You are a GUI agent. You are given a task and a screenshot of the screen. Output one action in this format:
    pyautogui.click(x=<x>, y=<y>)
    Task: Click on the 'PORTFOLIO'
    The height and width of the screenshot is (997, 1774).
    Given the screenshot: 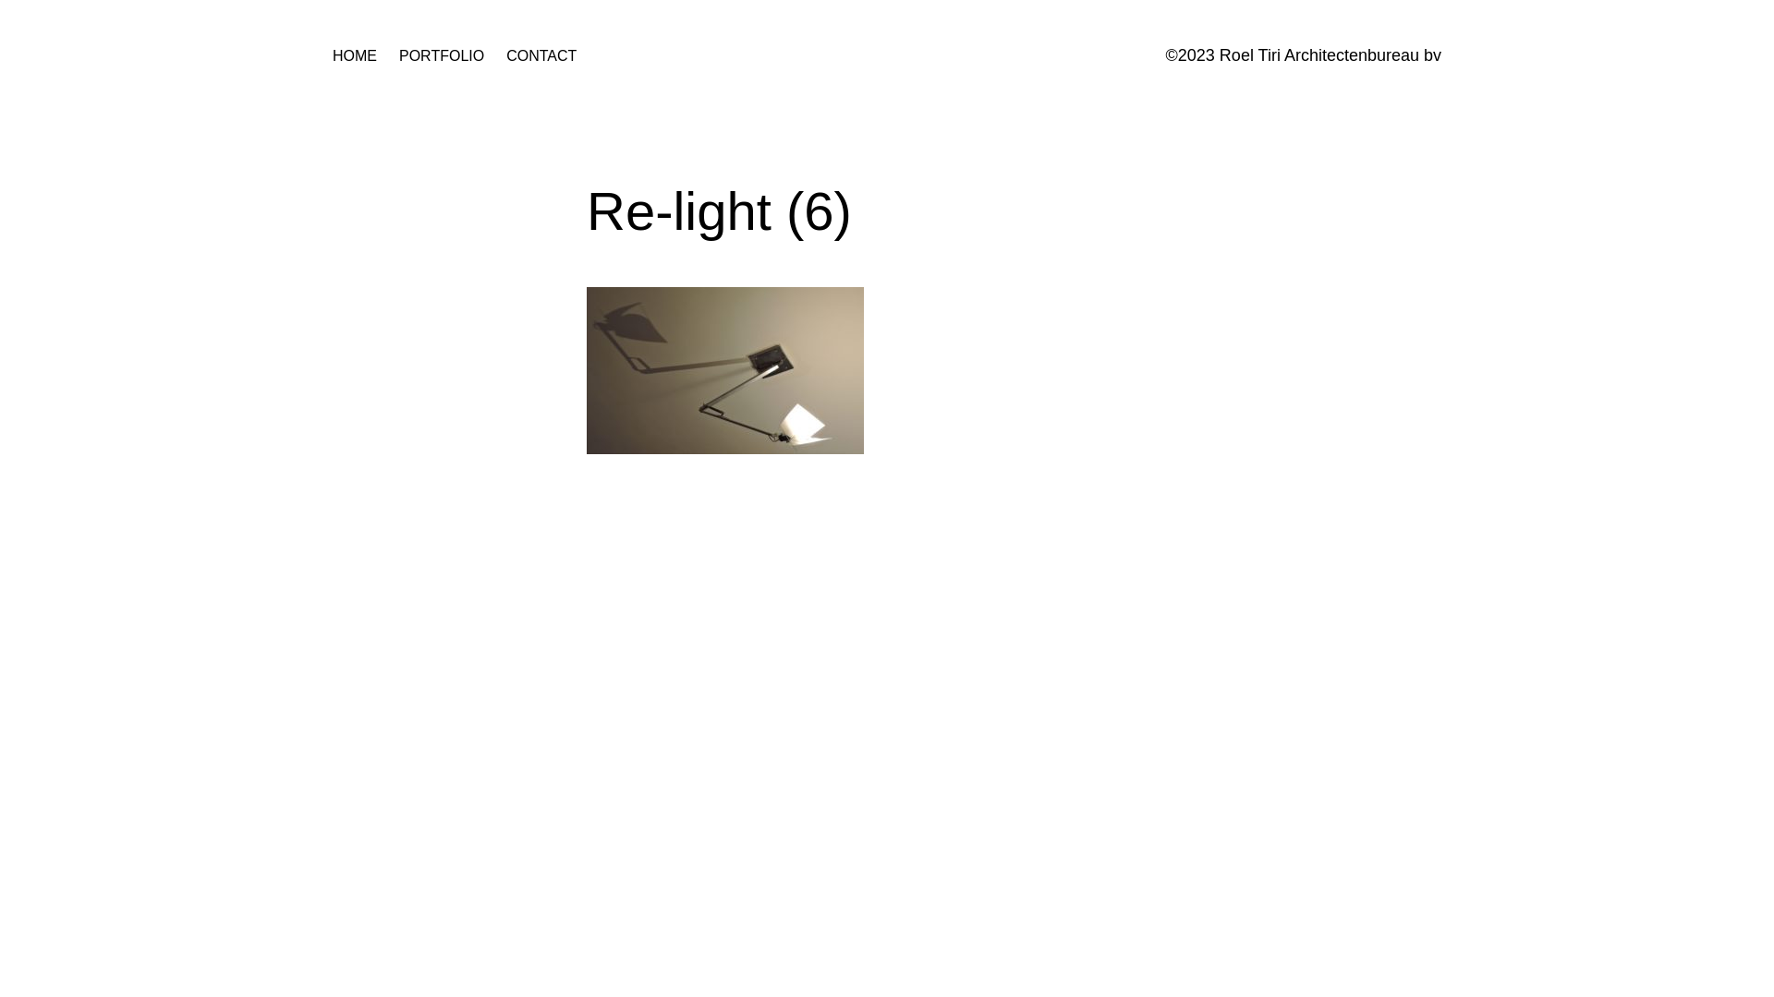 What is the action you would take?
    pyautogui.click(x=441, y=55)
    